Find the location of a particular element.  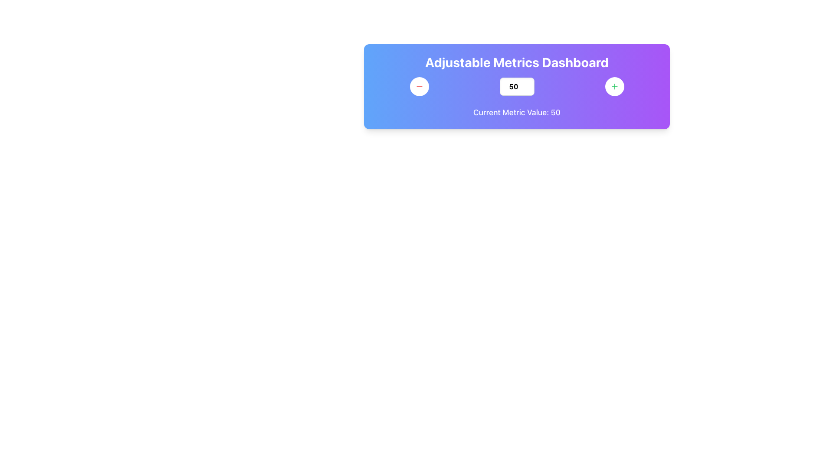

the interactive components within the header section of the metrics dashboard that displays the current metric value and controls for adjustment is located at coordinates (517, 87).